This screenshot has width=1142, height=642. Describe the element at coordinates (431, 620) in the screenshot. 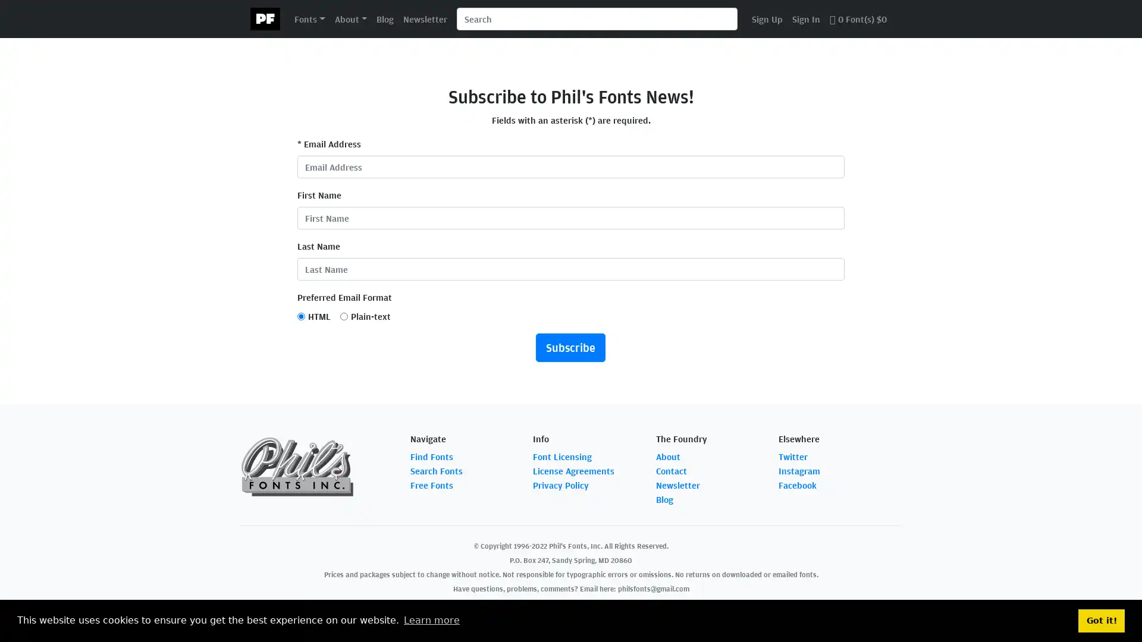

I see `learn more about cookies` at that location.